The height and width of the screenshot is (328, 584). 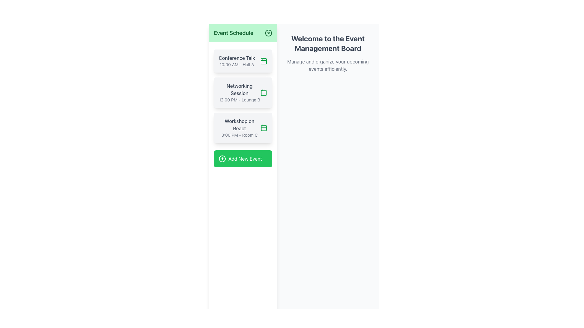 What do you see at coordinates (242, 61) in the screenshot?
I see `the first informational card in the 'Event Schedule' menu to get more details about the scheduled talk at 10:00 AM in Hall A` at bounding box center [242, 61].